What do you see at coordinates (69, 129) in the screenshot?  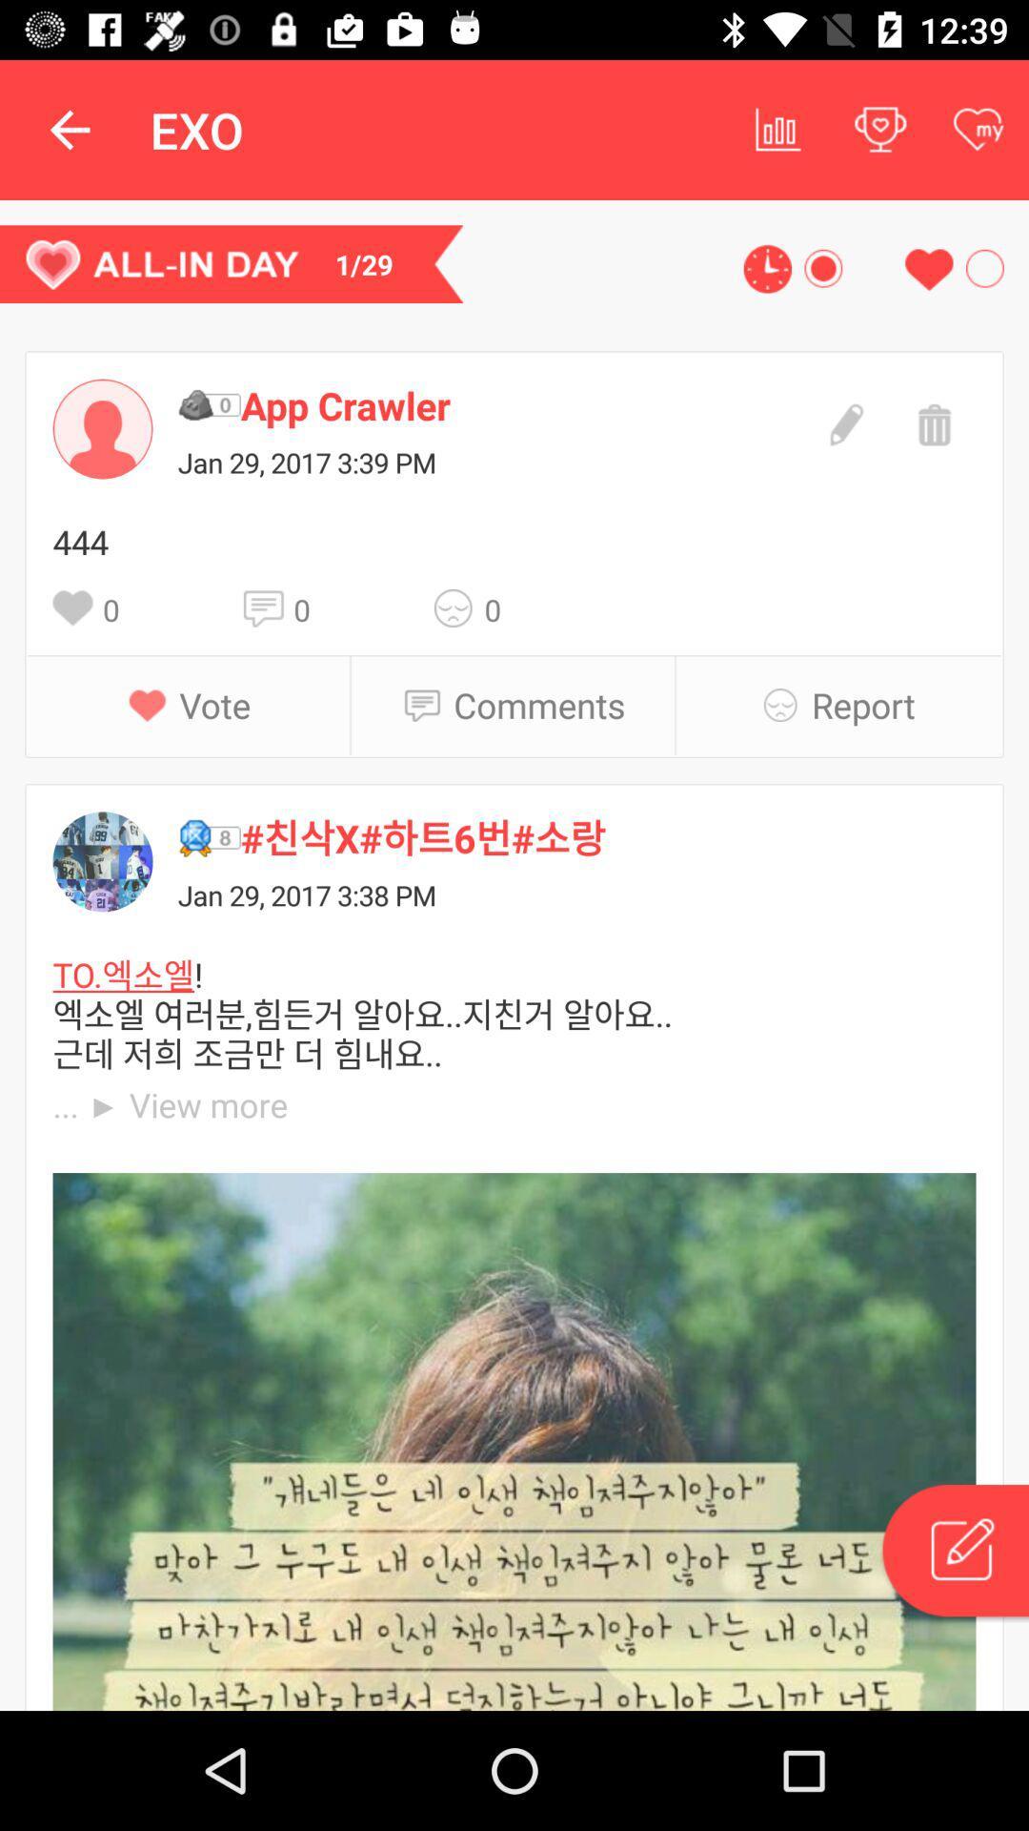 I see `item above the 1/29 item` at bounding box center [69, 129].